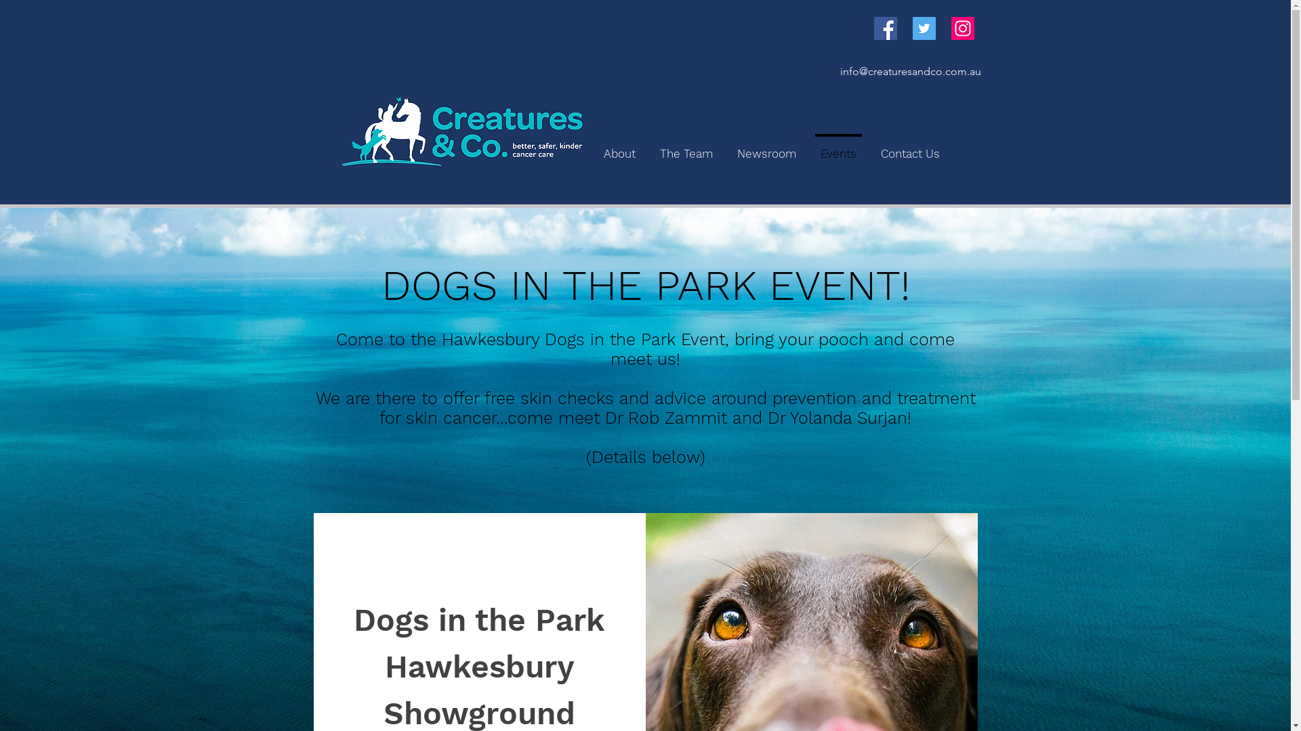 The image size is (1301, 731). I want to click on 'Events', so click(837, 148).